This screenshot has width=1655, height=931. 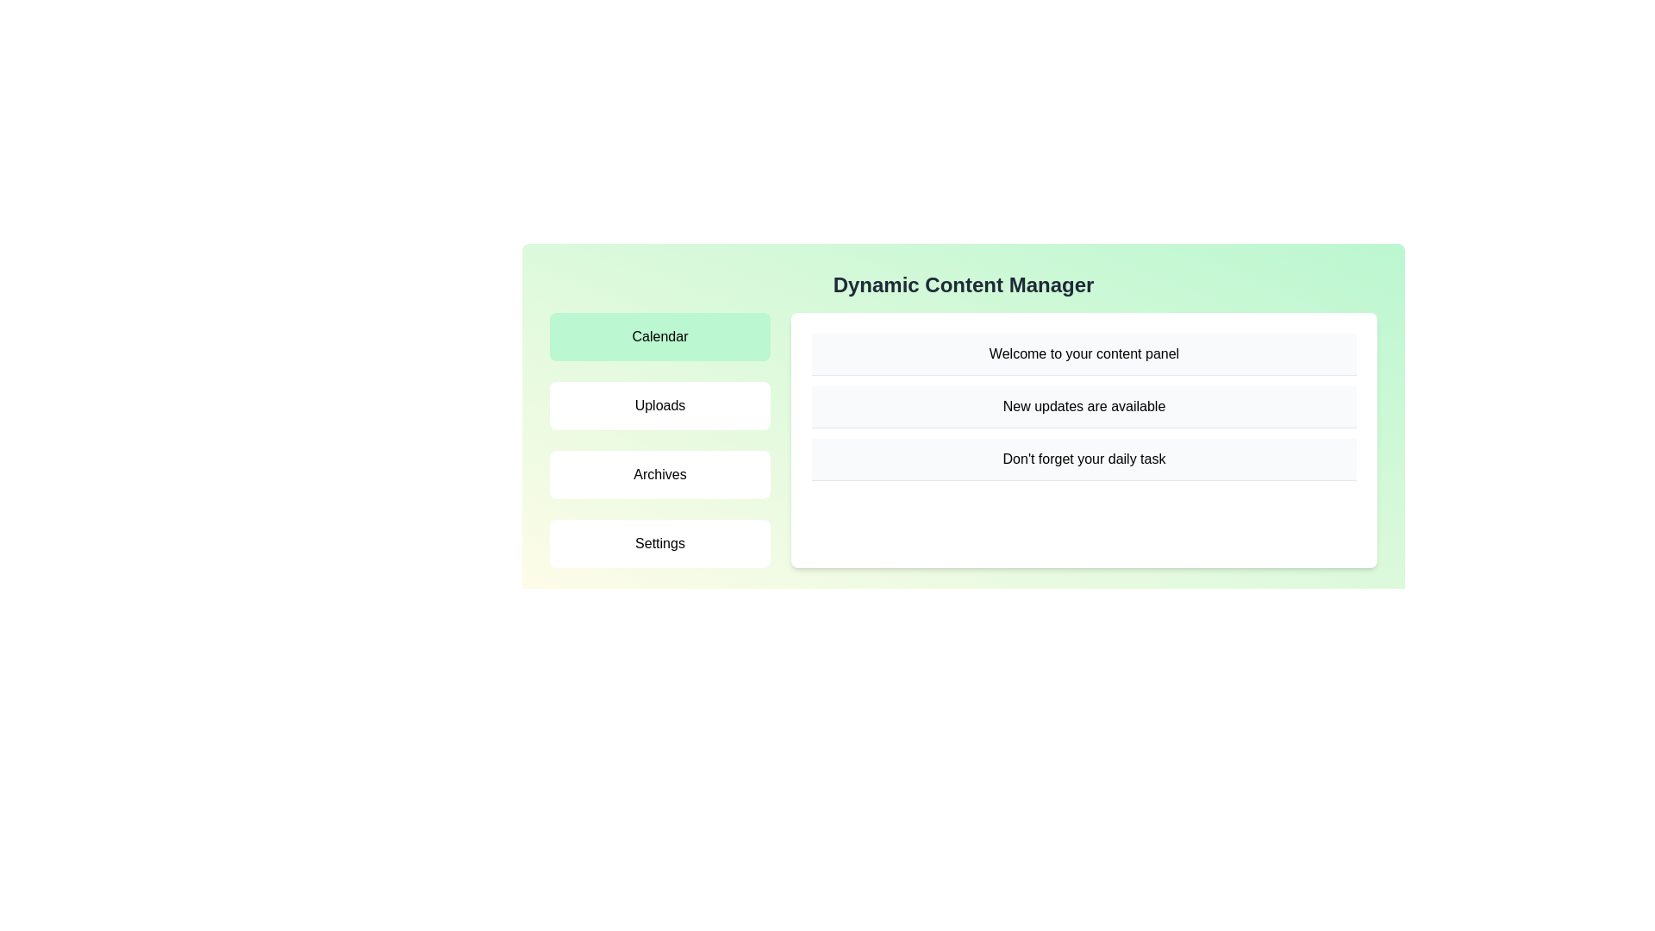 What do you see at coordinates (1083, 459) in the screenshot?
I see `the notification text for Don't forget your daily task` at bounding box center [1083, 459].